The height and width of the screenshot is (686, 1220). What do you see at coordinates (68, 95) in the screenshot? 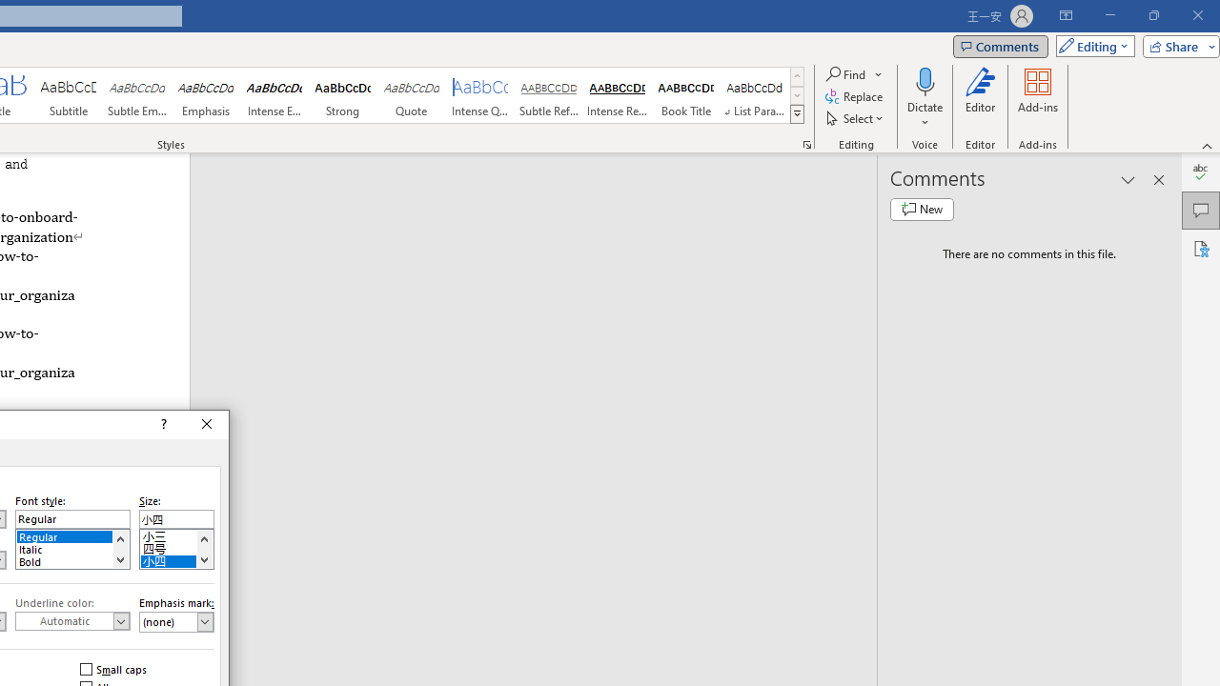
I see `'Subtitle'` at bounding box center [68, 95].